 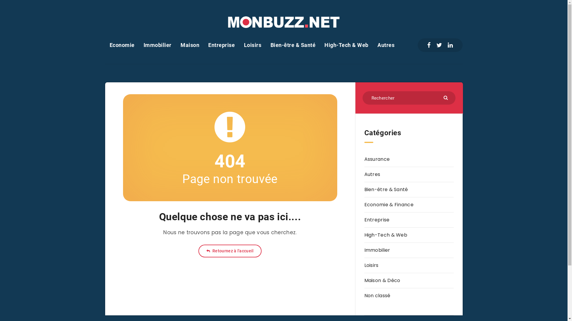 I want to click on 'Assurance', so click(x=364, y=159).